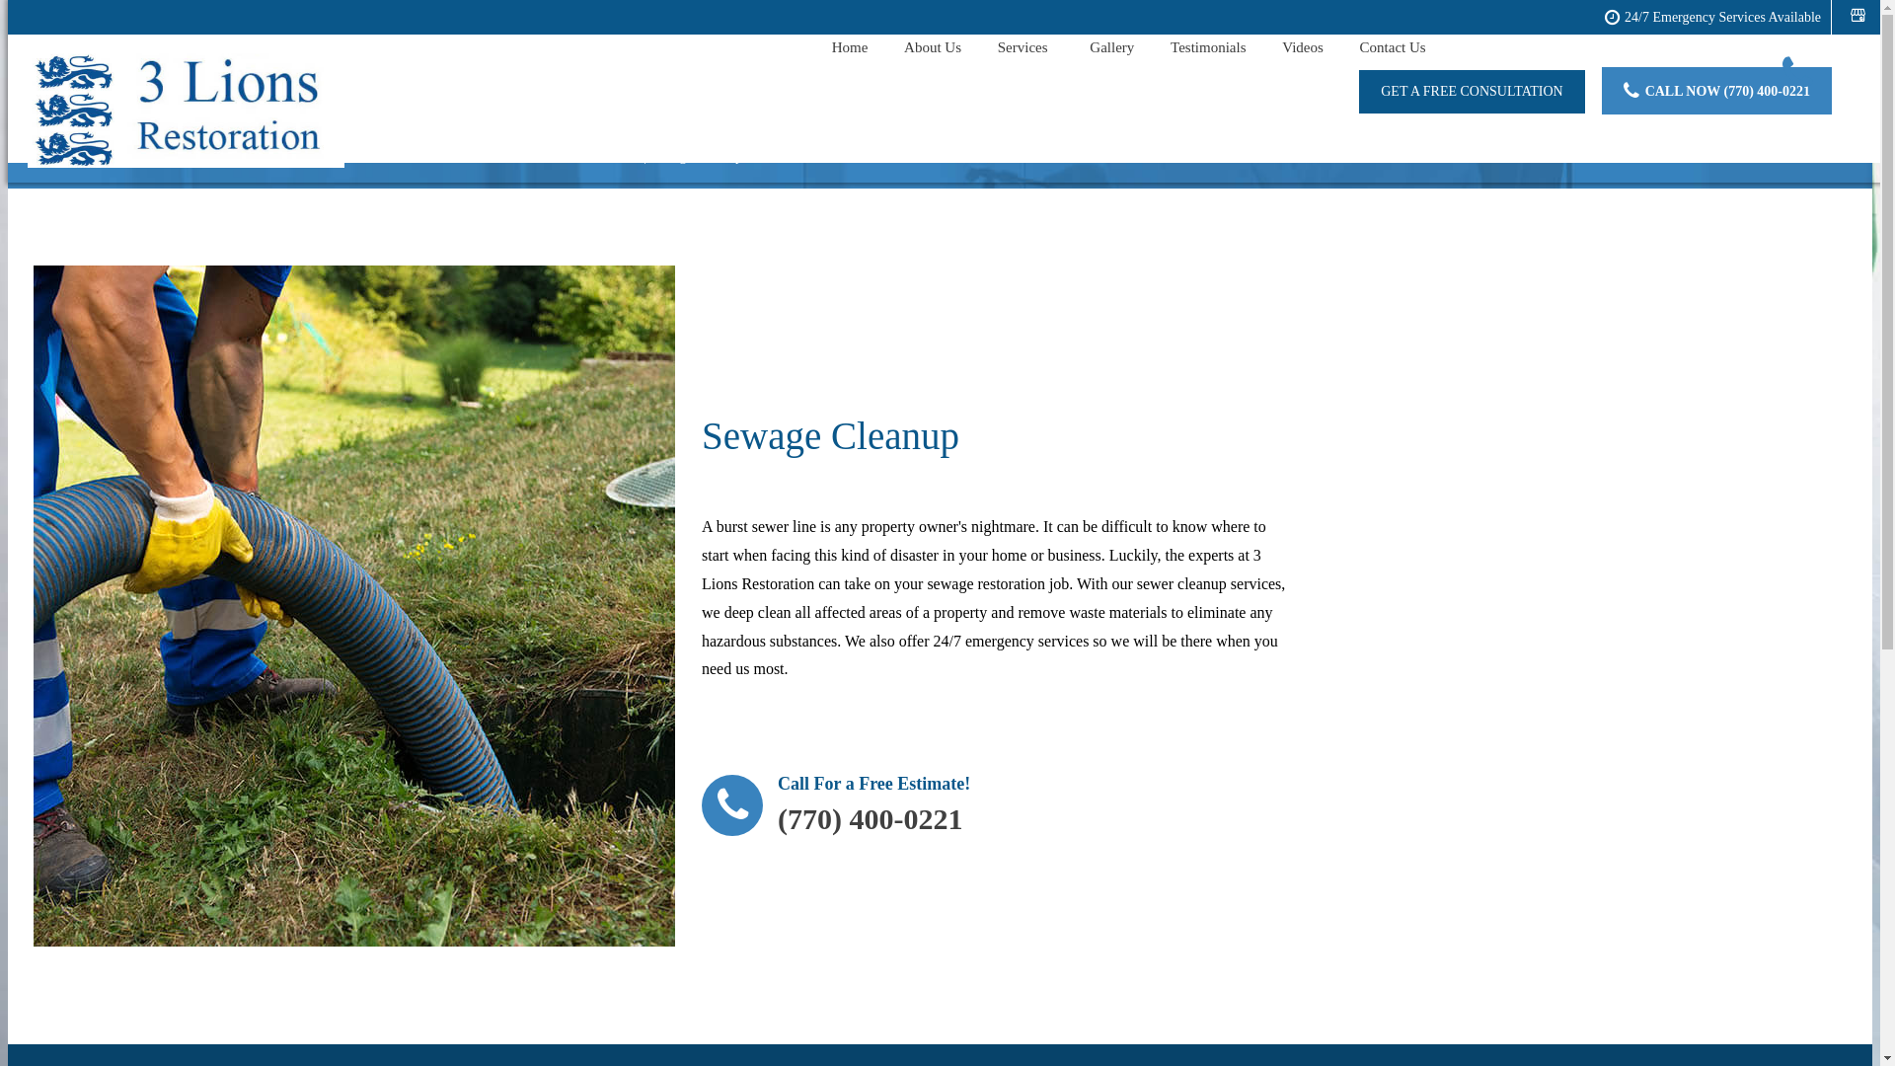  What do you see at coordinates (835, 810) in the screenshot?
I see `'Call For a Free Estimate!` at bounding box center [835, 810].